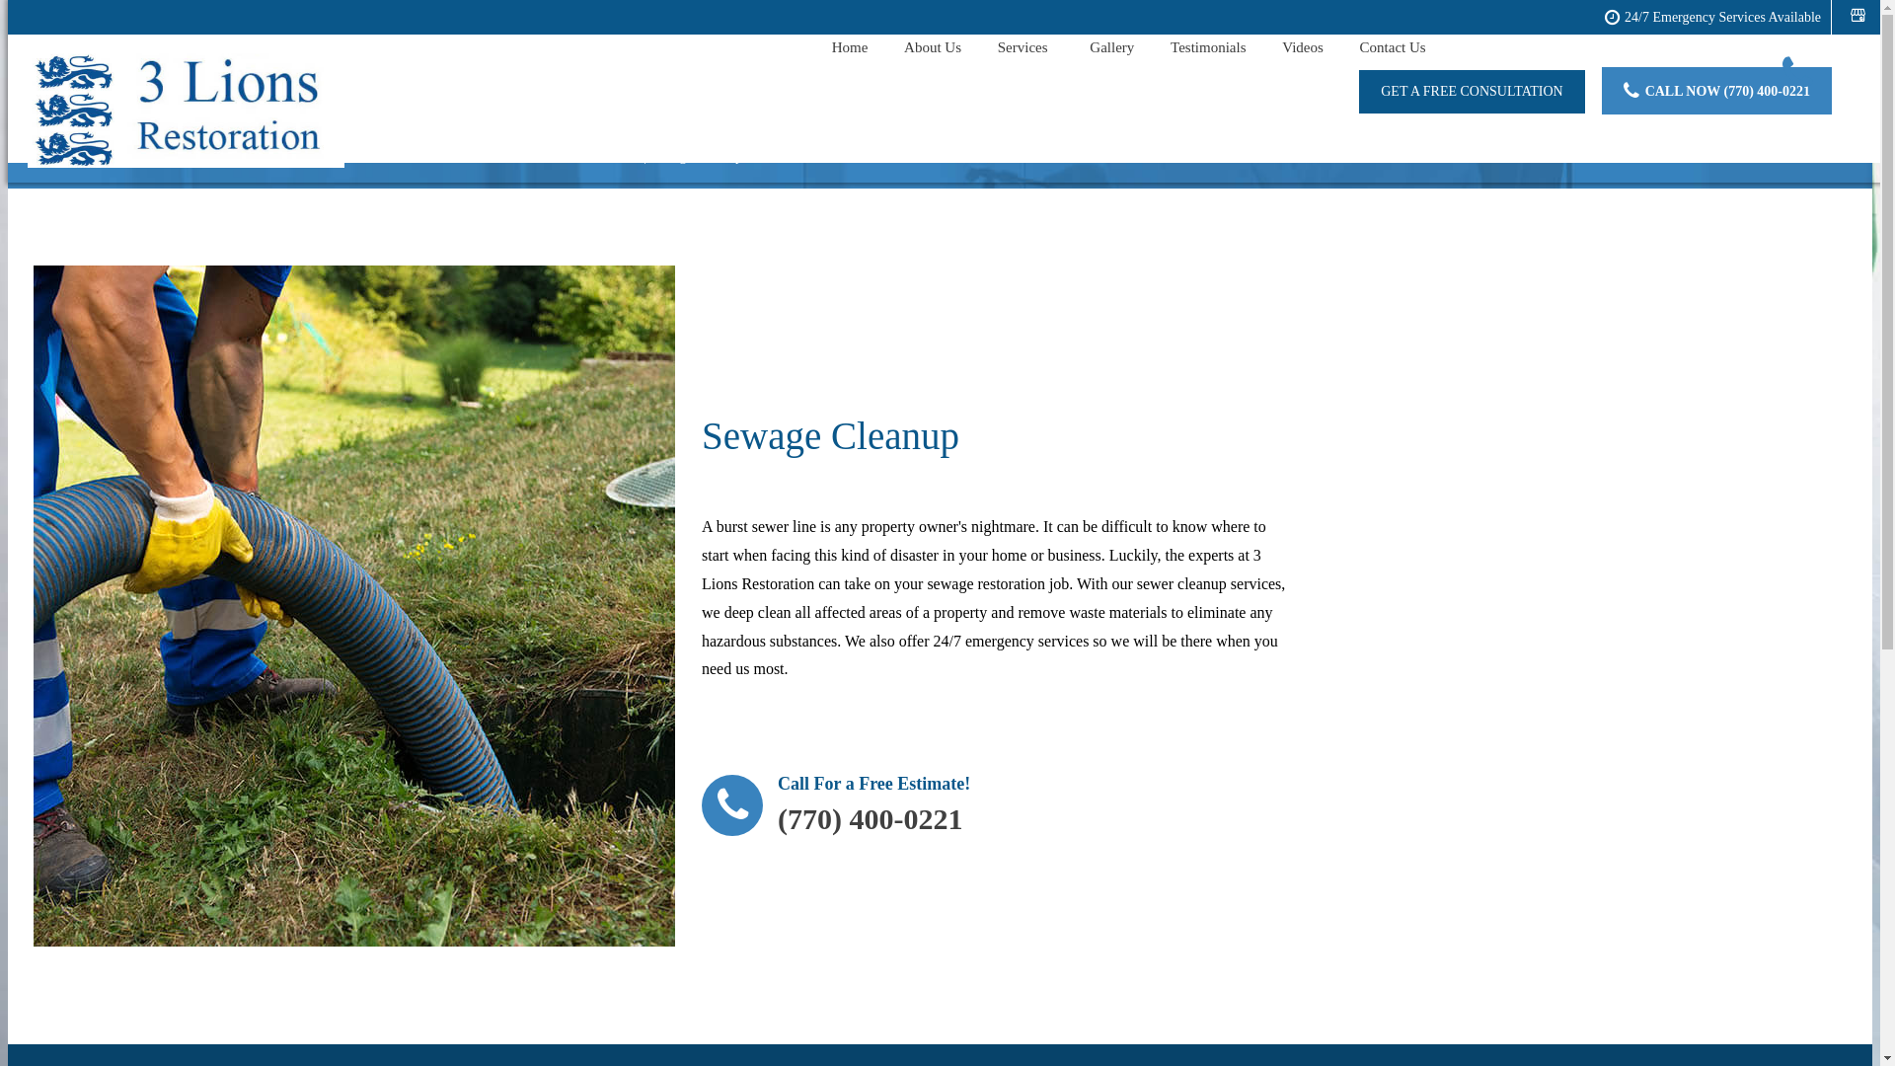  What do you see at coordinates (835, 810) in the screenshot?
I see `'Call For a Free Estimate!` at bounding box center [835, 810].